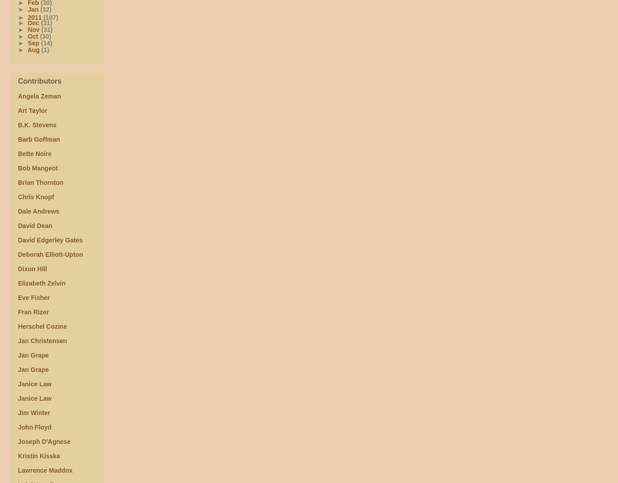 Image resolution: width=618 pixels, height=483 pixels. Describe the element at coordinates (33, 412) in the screenshot. I see `'Jim Winter'` at that location.